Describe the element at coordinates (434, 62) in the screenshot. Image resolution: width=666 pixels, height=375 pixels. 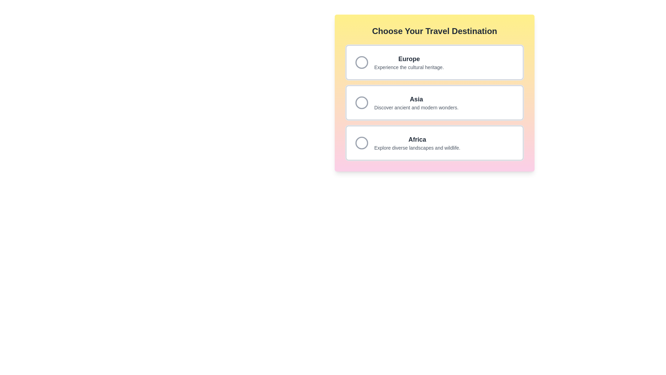
I see `the Card option for the travel destination 'Europe'` at that location.